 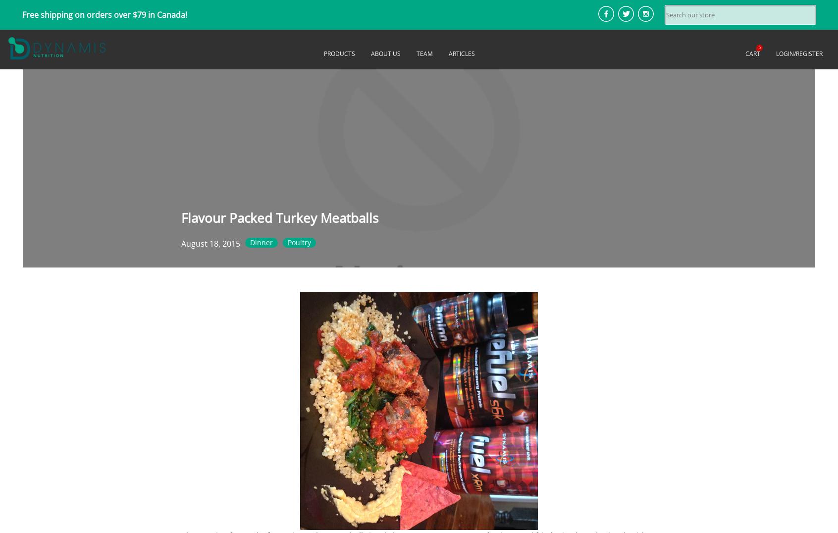 I want to click on 'Free shipping on orders over $79 in Canada!', so click(x=104, y=14).